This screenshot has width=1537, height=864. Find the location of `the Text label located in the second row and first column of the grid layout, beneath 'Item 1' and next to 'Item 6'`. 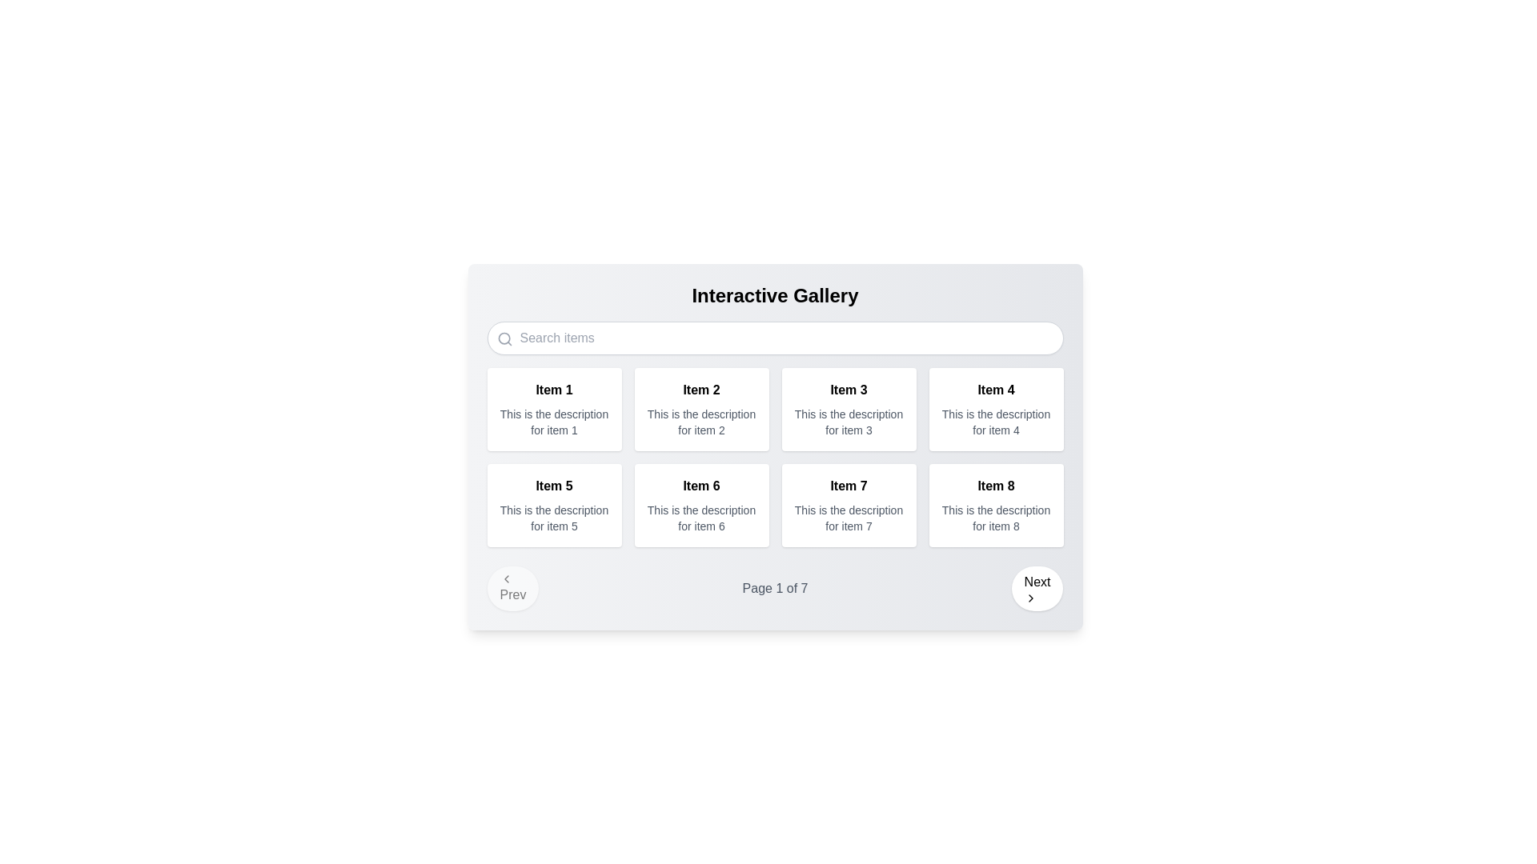

the Text label located in the second row and first column of the grid layout, beneath 'Item 1' and next to 'Item 6' is located at coordinates (554, 486).